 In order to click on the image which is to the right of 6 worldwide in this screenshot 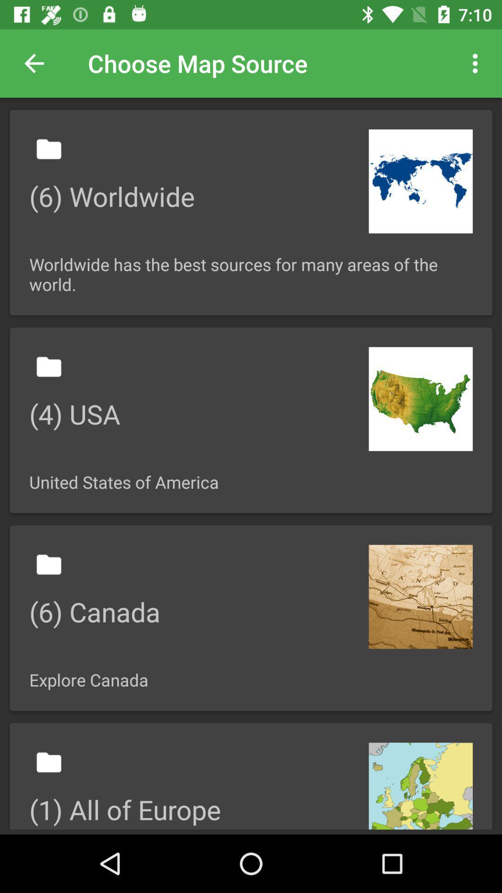, I will do `click(421, 181)`.